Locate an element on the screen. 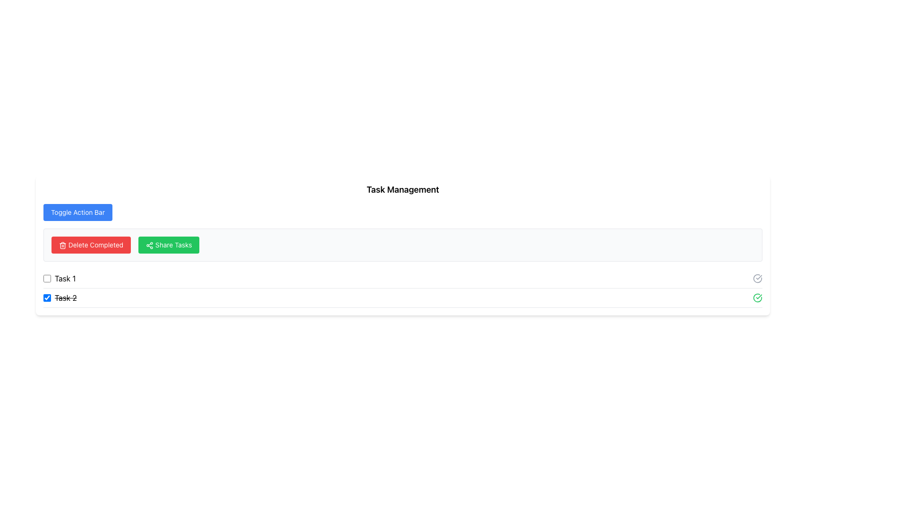 This screenshot has width=907, height=510. the red 'Delete Completed' button with a trash can icon is located at coordinates (91, 245).